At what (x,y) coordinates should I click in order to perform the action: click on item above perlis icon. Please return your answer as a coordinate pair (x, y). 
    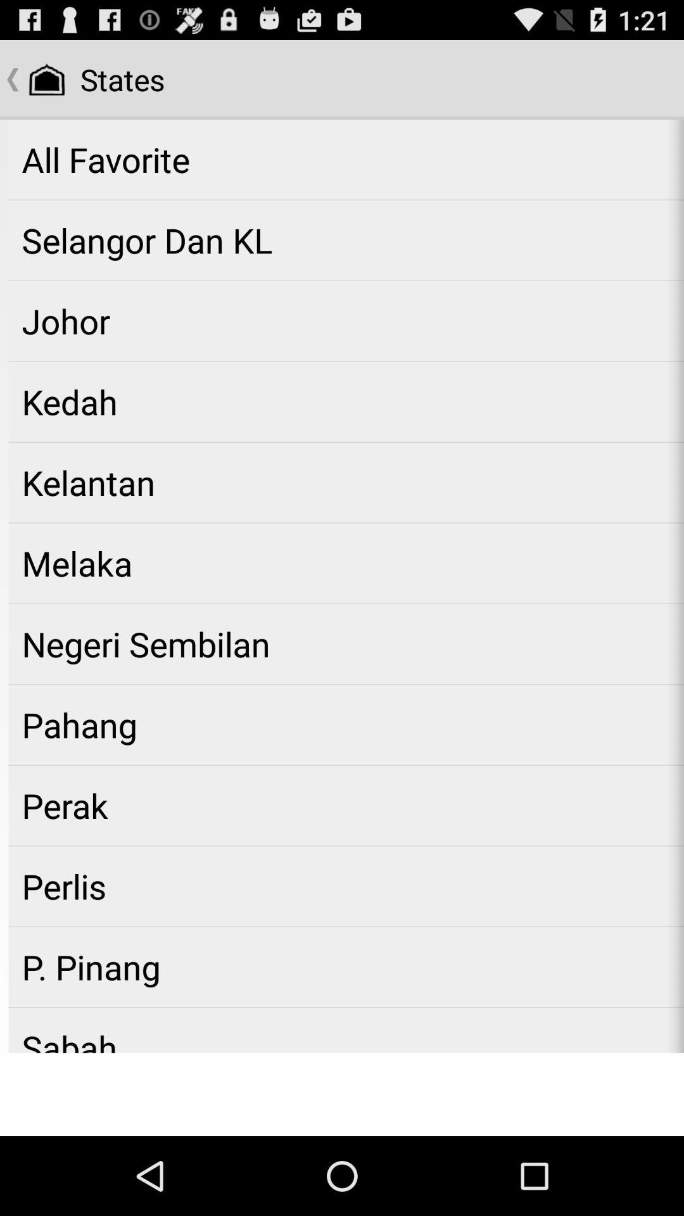
    Looking at the image, I should click on (346, 805).